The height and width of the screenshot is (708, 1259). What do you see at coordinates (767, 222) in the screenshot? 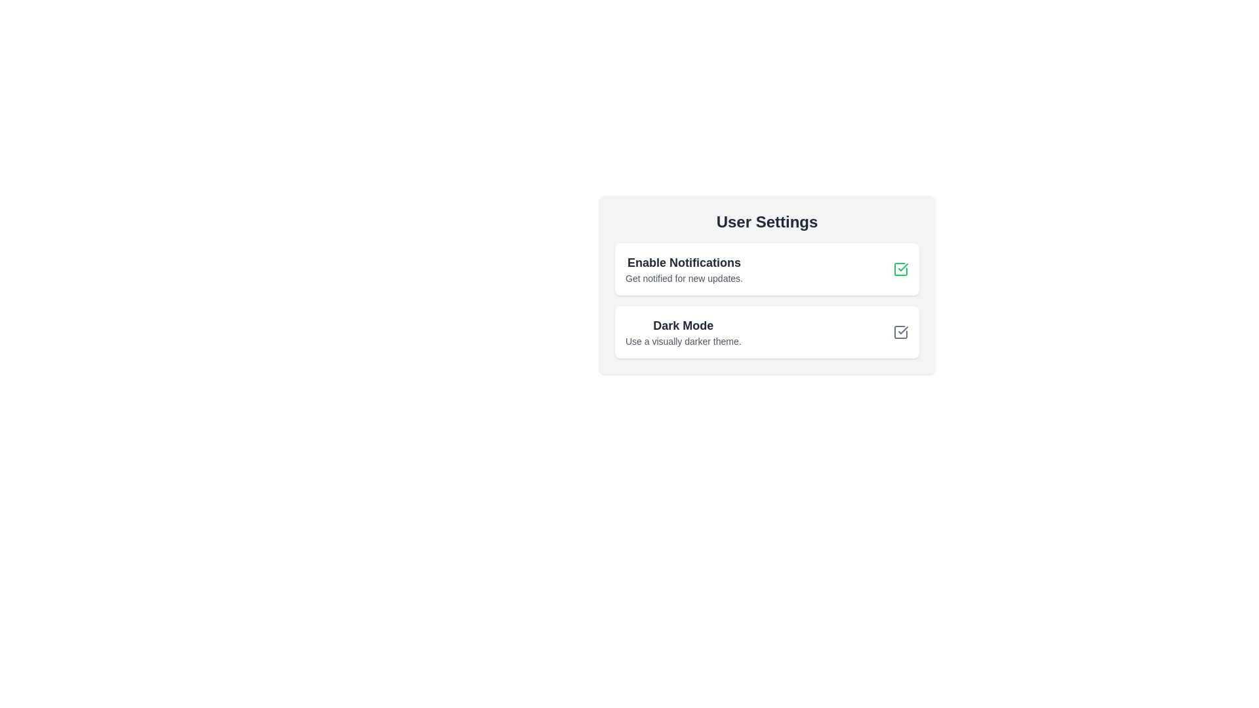
I see `the 'User Settings' title text` at bounding box center [767, 222].